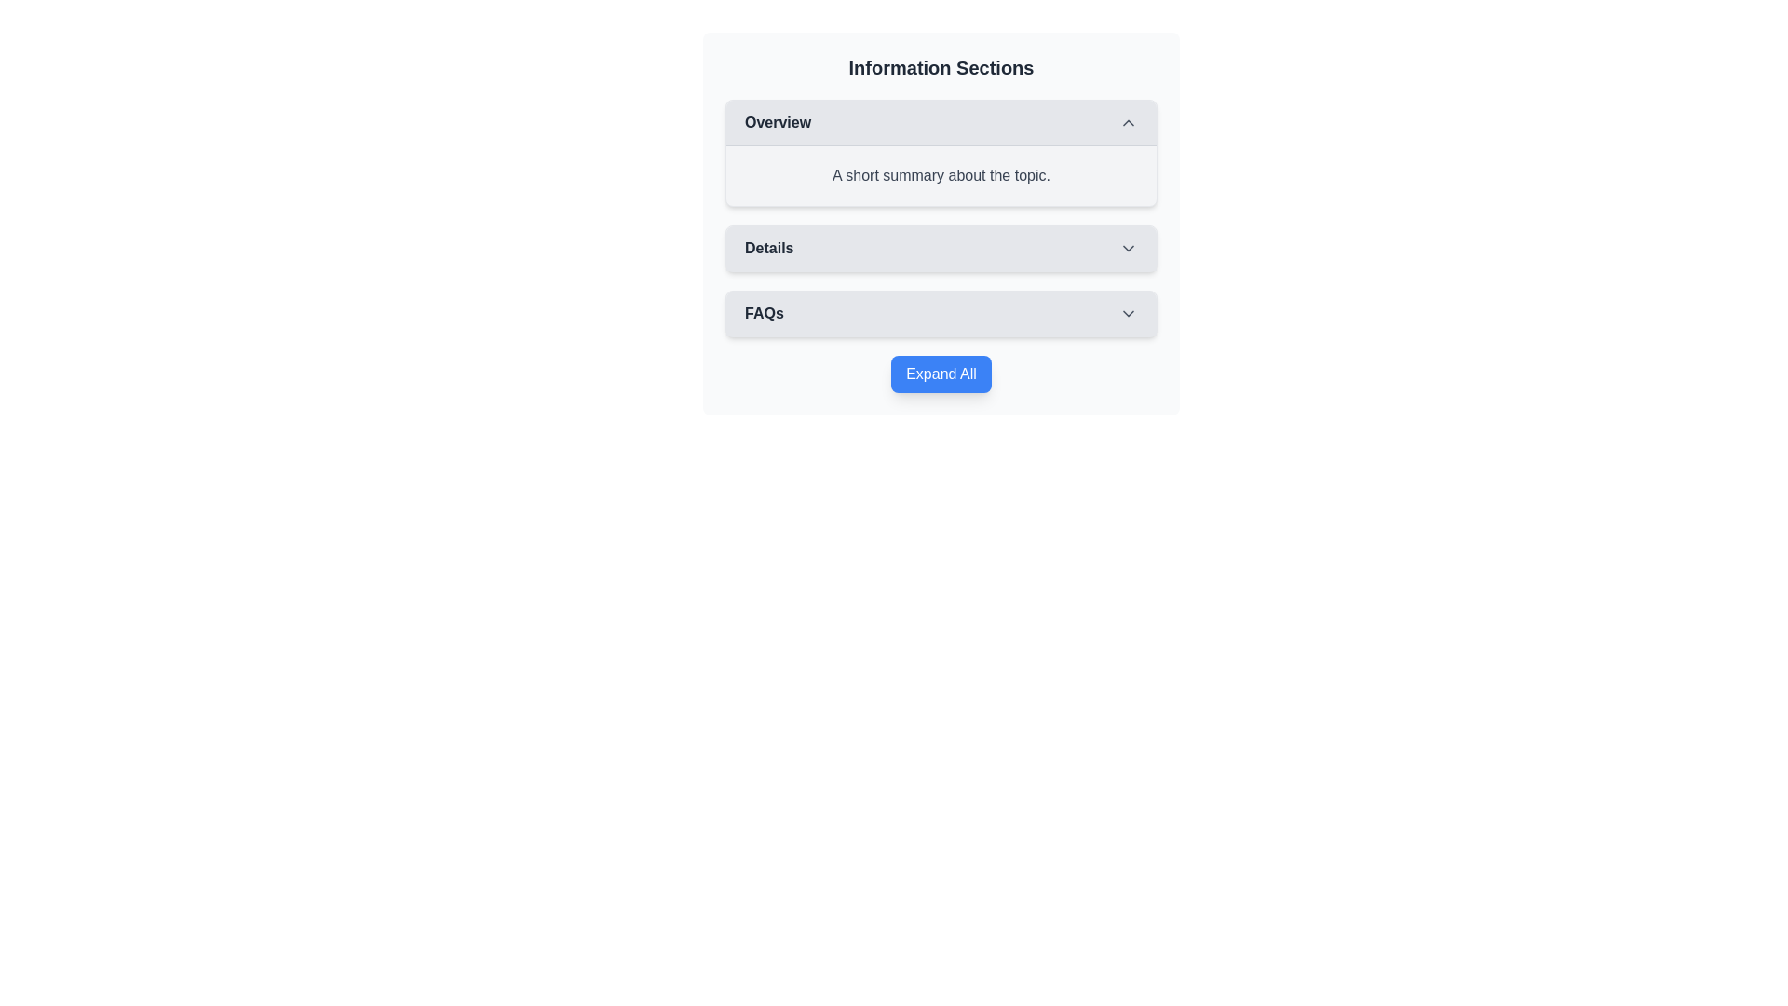 This screenshot has width=1788, height=1006. I want to click on the text label indicating the header of the collapsible information section, so click(778, 122).